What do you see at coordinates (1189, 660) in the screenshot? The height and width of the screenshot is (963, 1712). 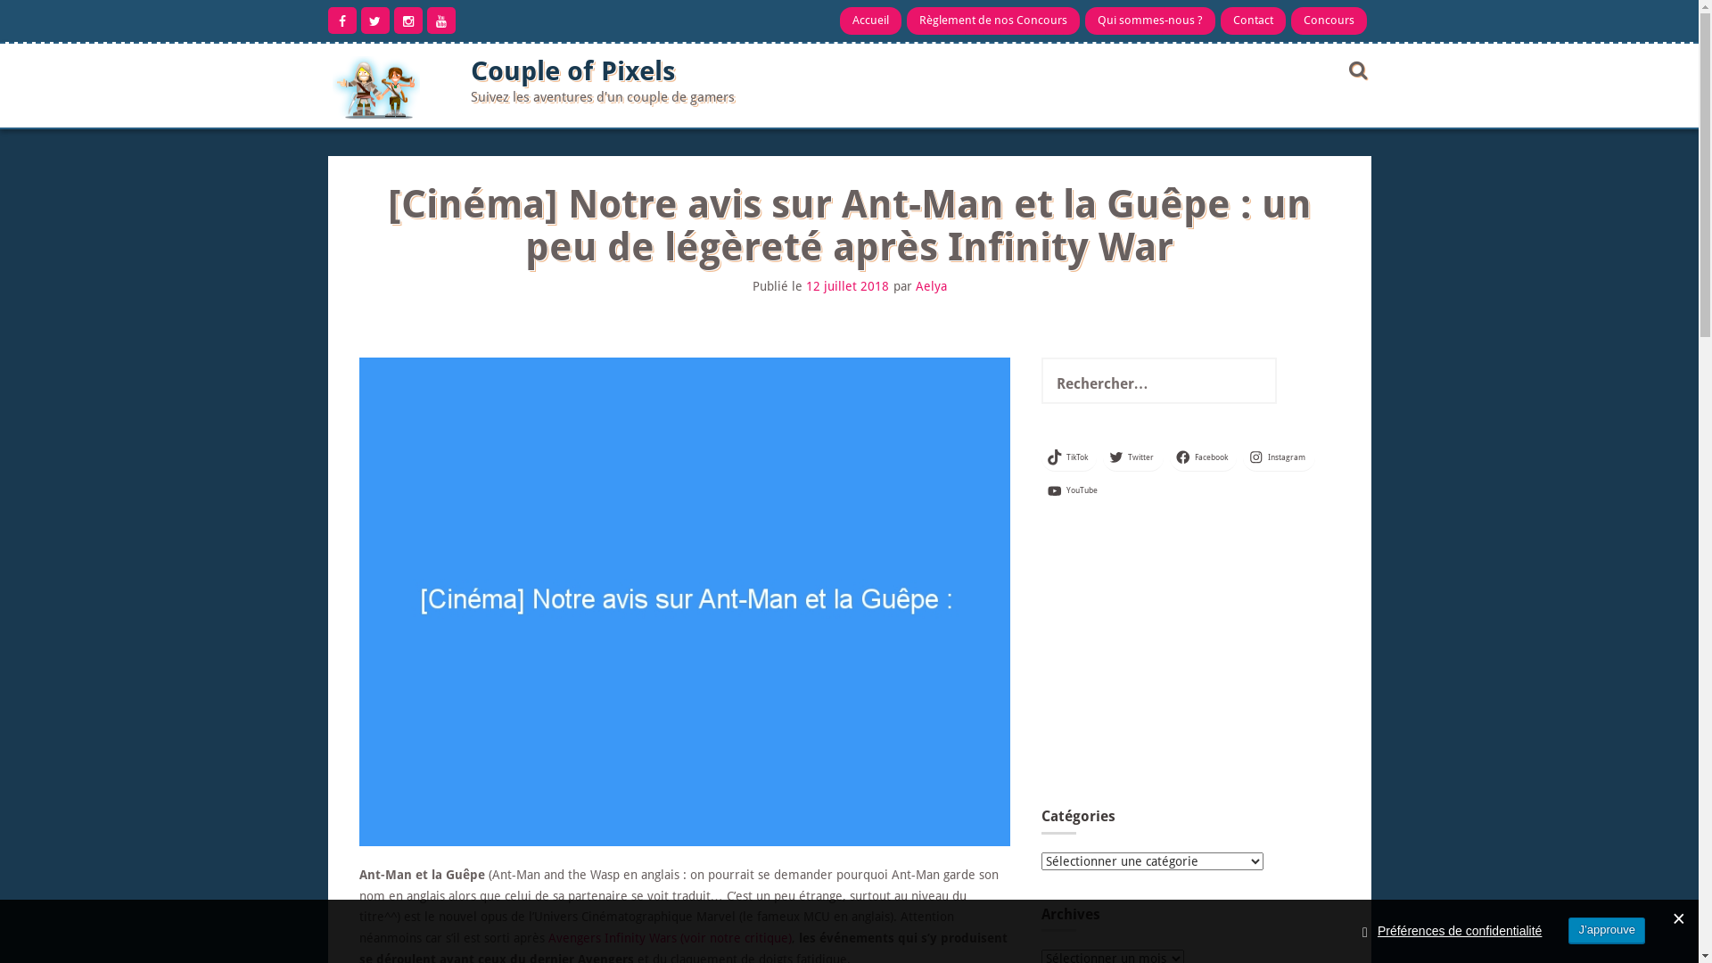 I see `'Advertisement'` at bounding box center [1189, 660].